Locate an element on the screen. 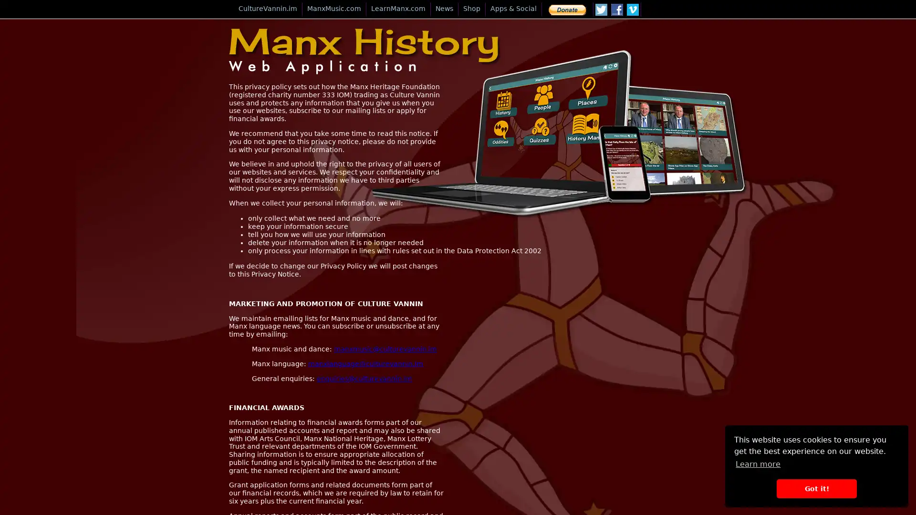 The image size is (916, 515). learn more about cookies is located at coordinates (757, 463).